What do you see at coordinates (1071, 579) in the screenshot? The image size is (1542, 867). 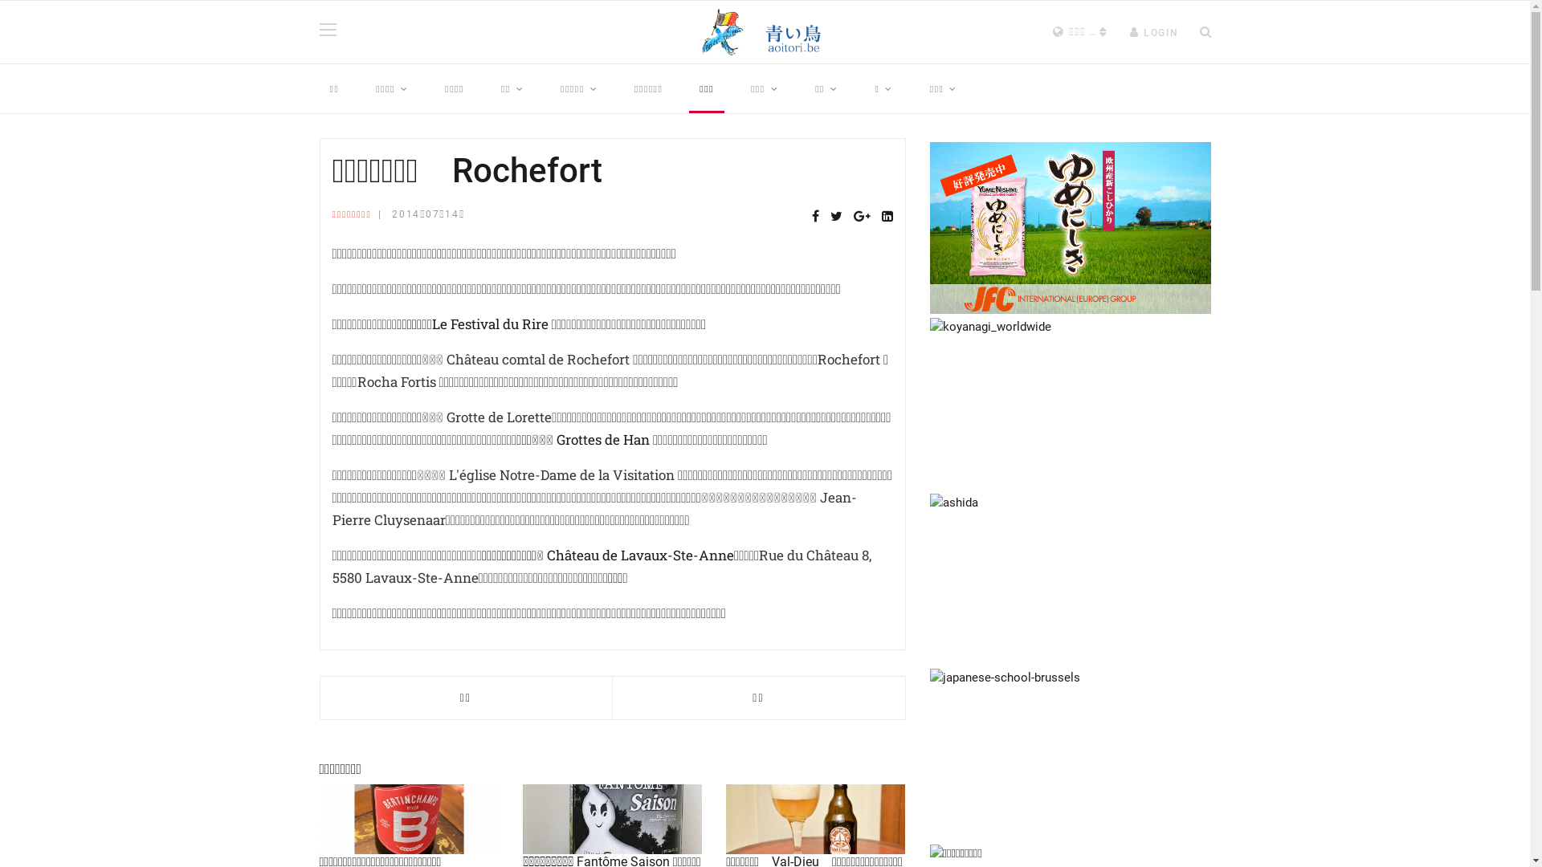 I see `'Ashida 2019'` at bounding box center [1071, 579].